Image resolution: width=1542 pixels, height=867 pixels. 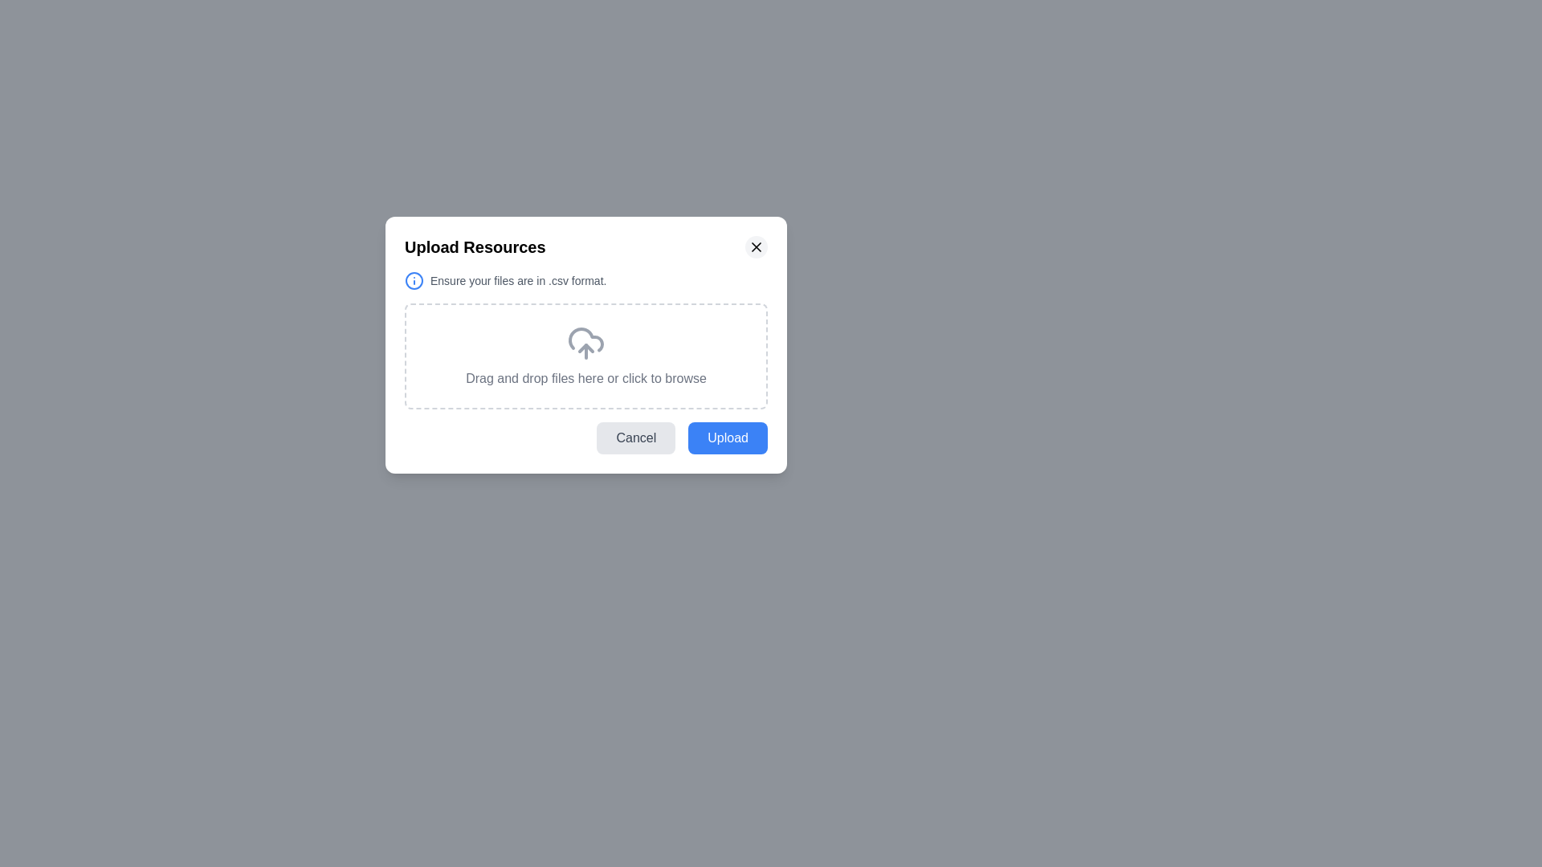 What do you see at coordinates (585, 355) in the screenshot?
I see `files into the Drag-and-drop upload area located centrally within the 'Upload Resources' dialog box, below the instruction text 'Ensure your files are in .csv format.'` at bounding box center [585, 355].